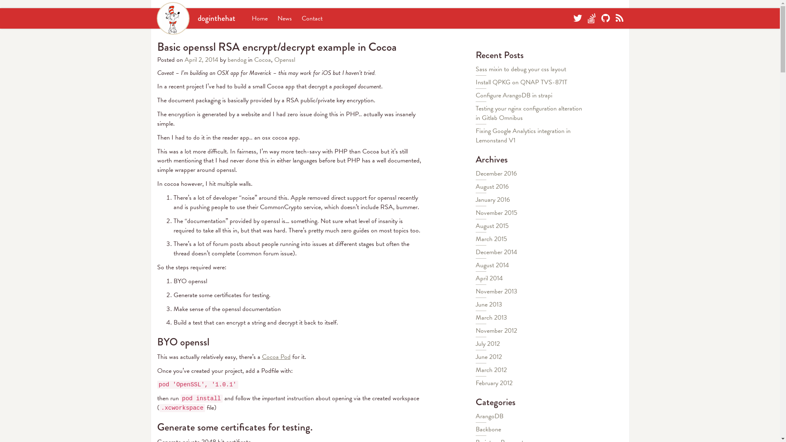 The height and width of the screenshot is (442, 786). I want to click on 'June 2012', so click(489, 356).